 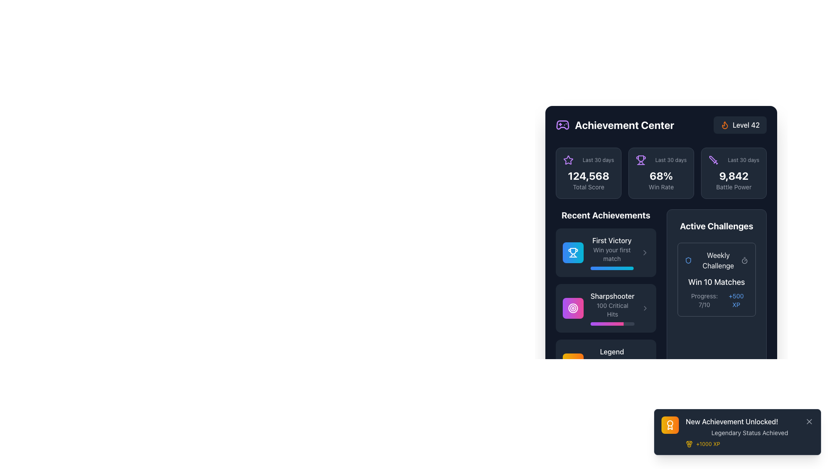 I want to click on the 'Sharpshooter' achievement item in the dashboard achievement list, so click(x=605, y=307).